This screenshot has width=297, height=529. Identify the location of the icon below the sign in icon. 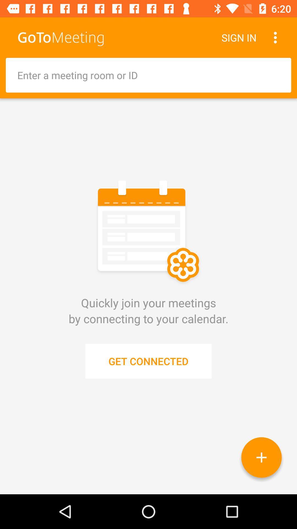
(148, 75).